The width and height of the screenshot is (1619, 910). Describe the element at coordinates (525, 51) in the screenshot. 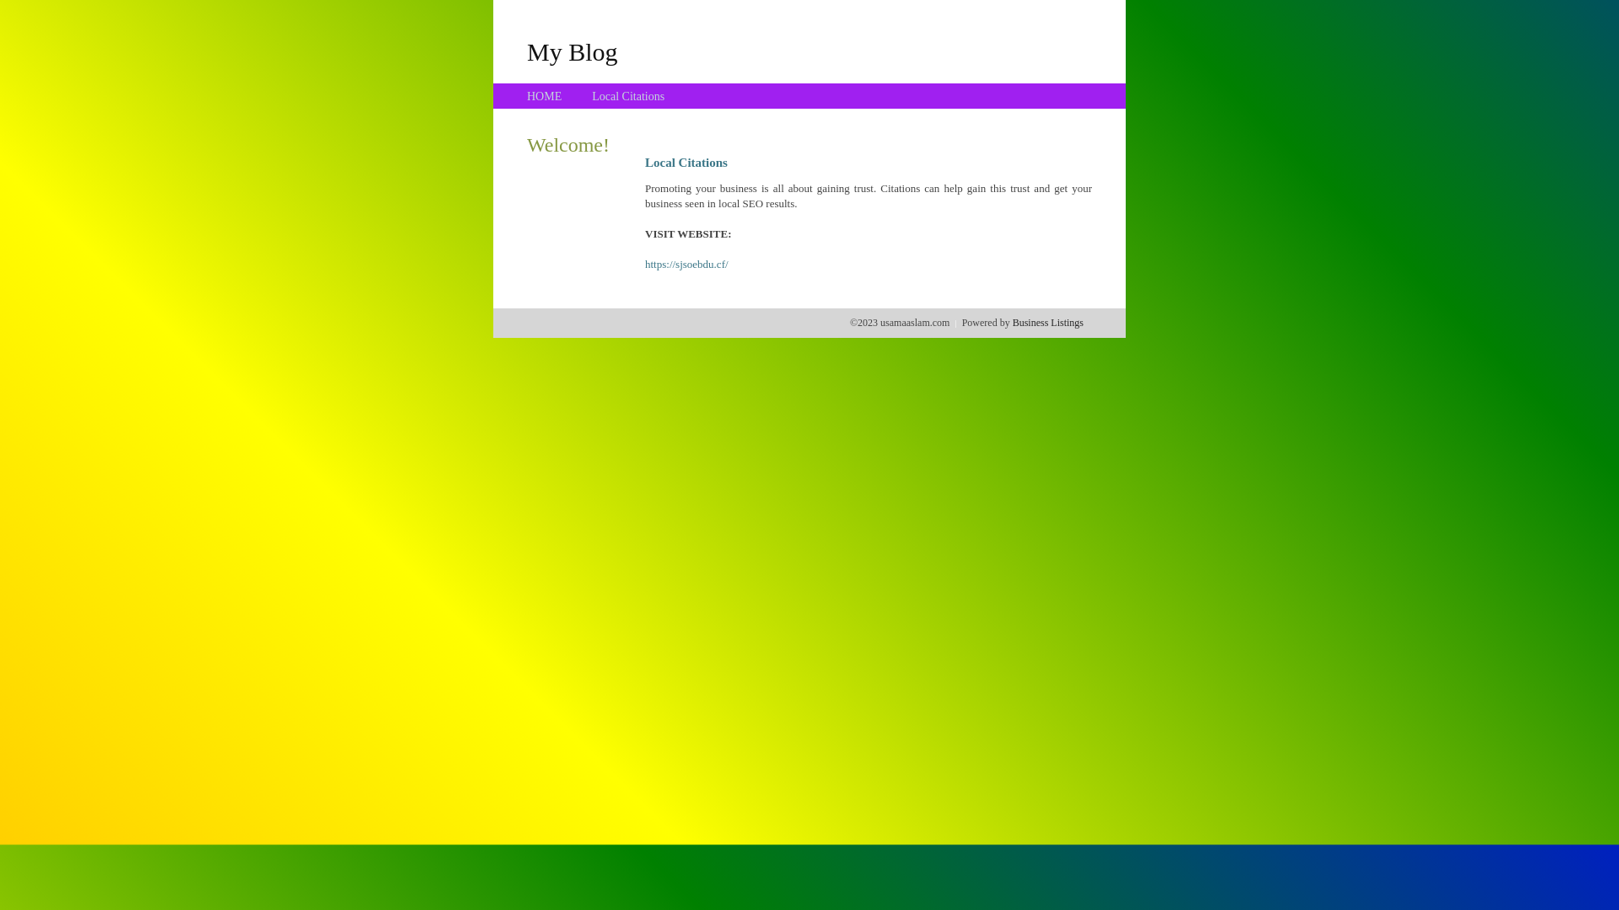

I see `'My Blog'` at that location.